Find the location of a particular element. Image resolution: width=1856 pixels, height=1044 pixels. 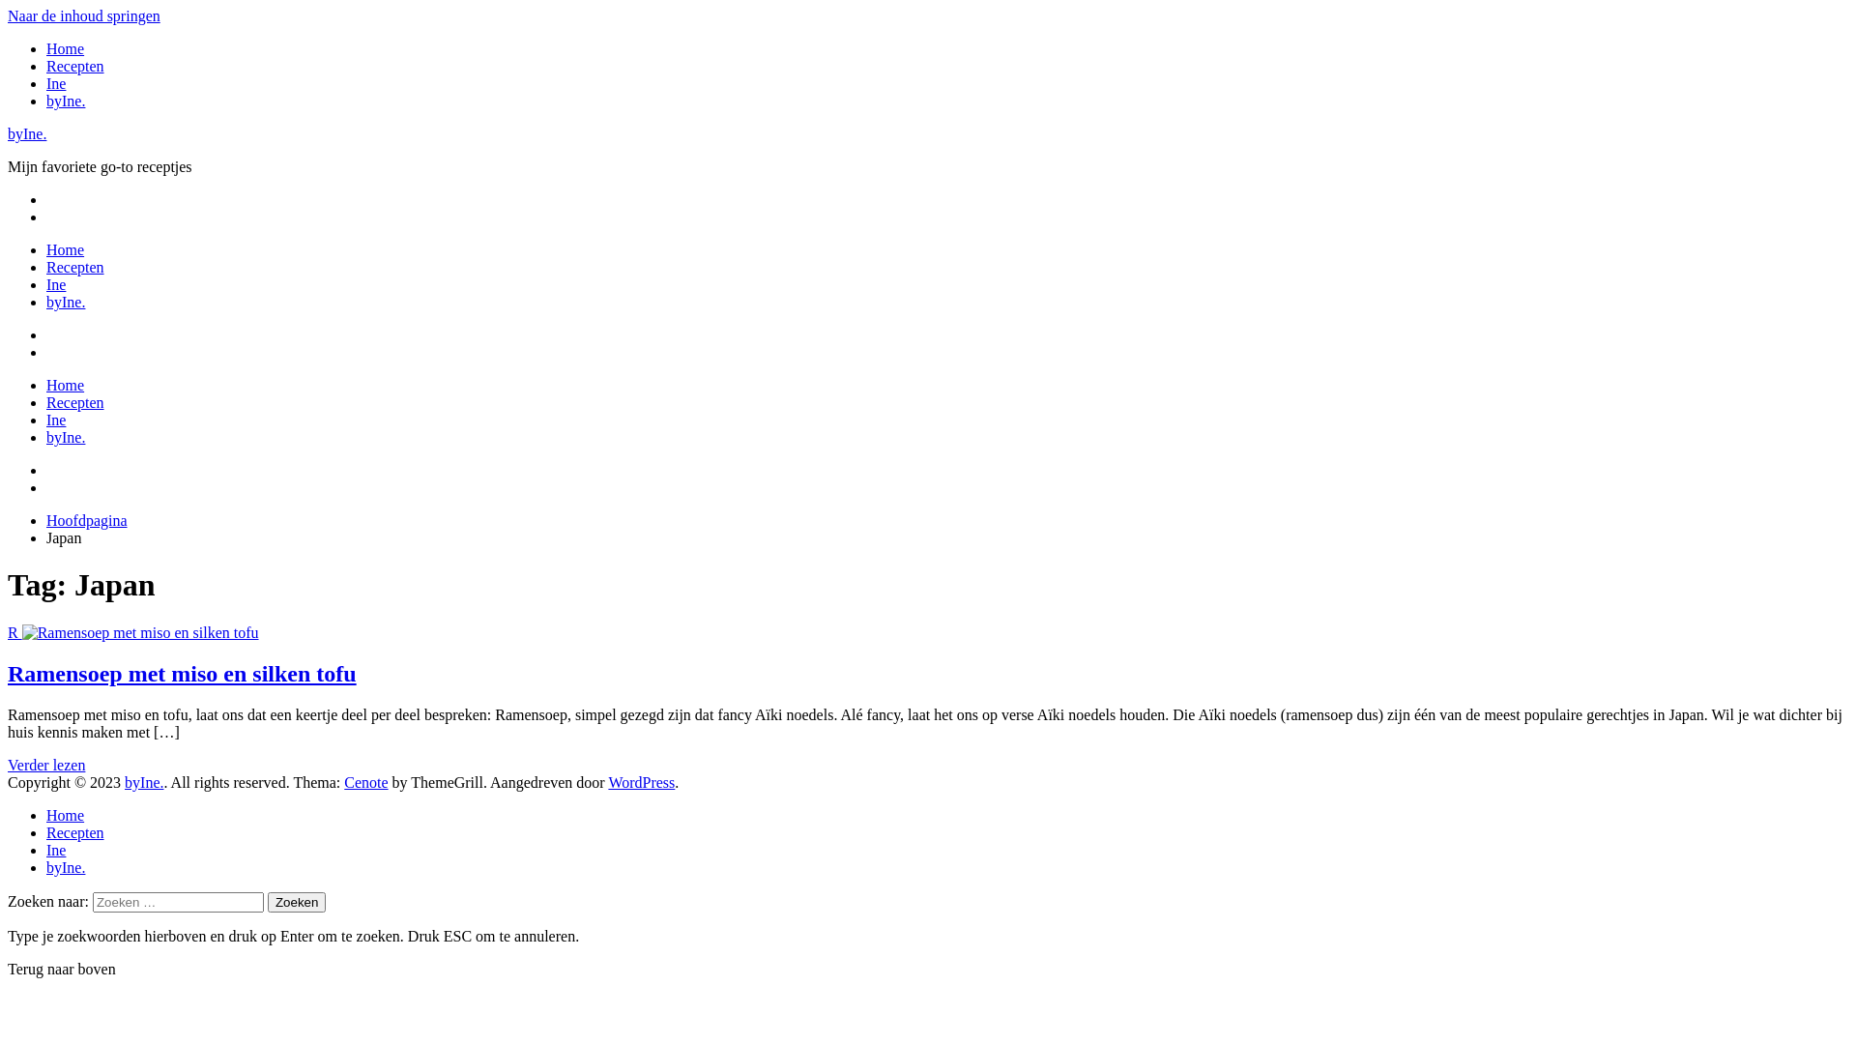

'Home' is located at coordinates (65, 47).